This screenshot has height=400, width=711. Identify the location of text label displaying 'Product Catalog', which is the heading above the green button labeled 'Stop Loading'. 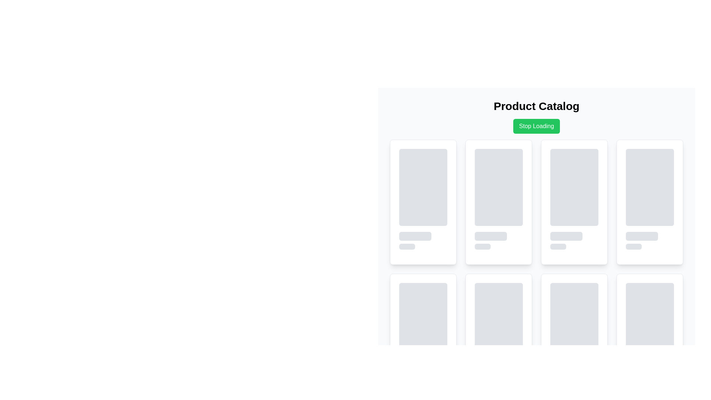
(537, 106).